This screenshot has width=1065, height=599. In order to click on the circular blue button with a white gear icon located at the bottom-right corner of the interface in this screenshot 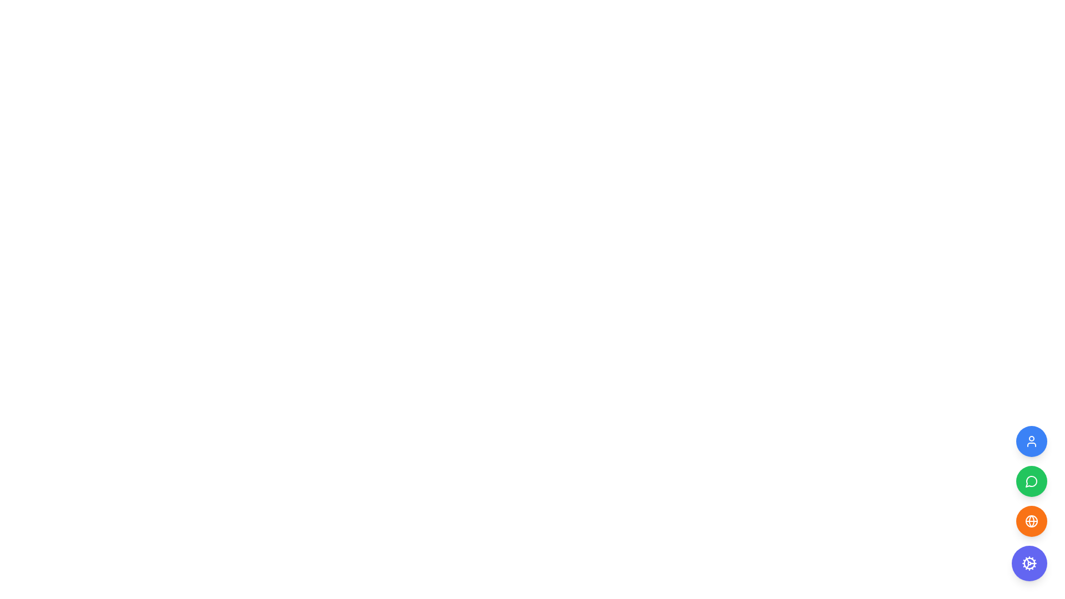, I will do `click(1029, 563)`.